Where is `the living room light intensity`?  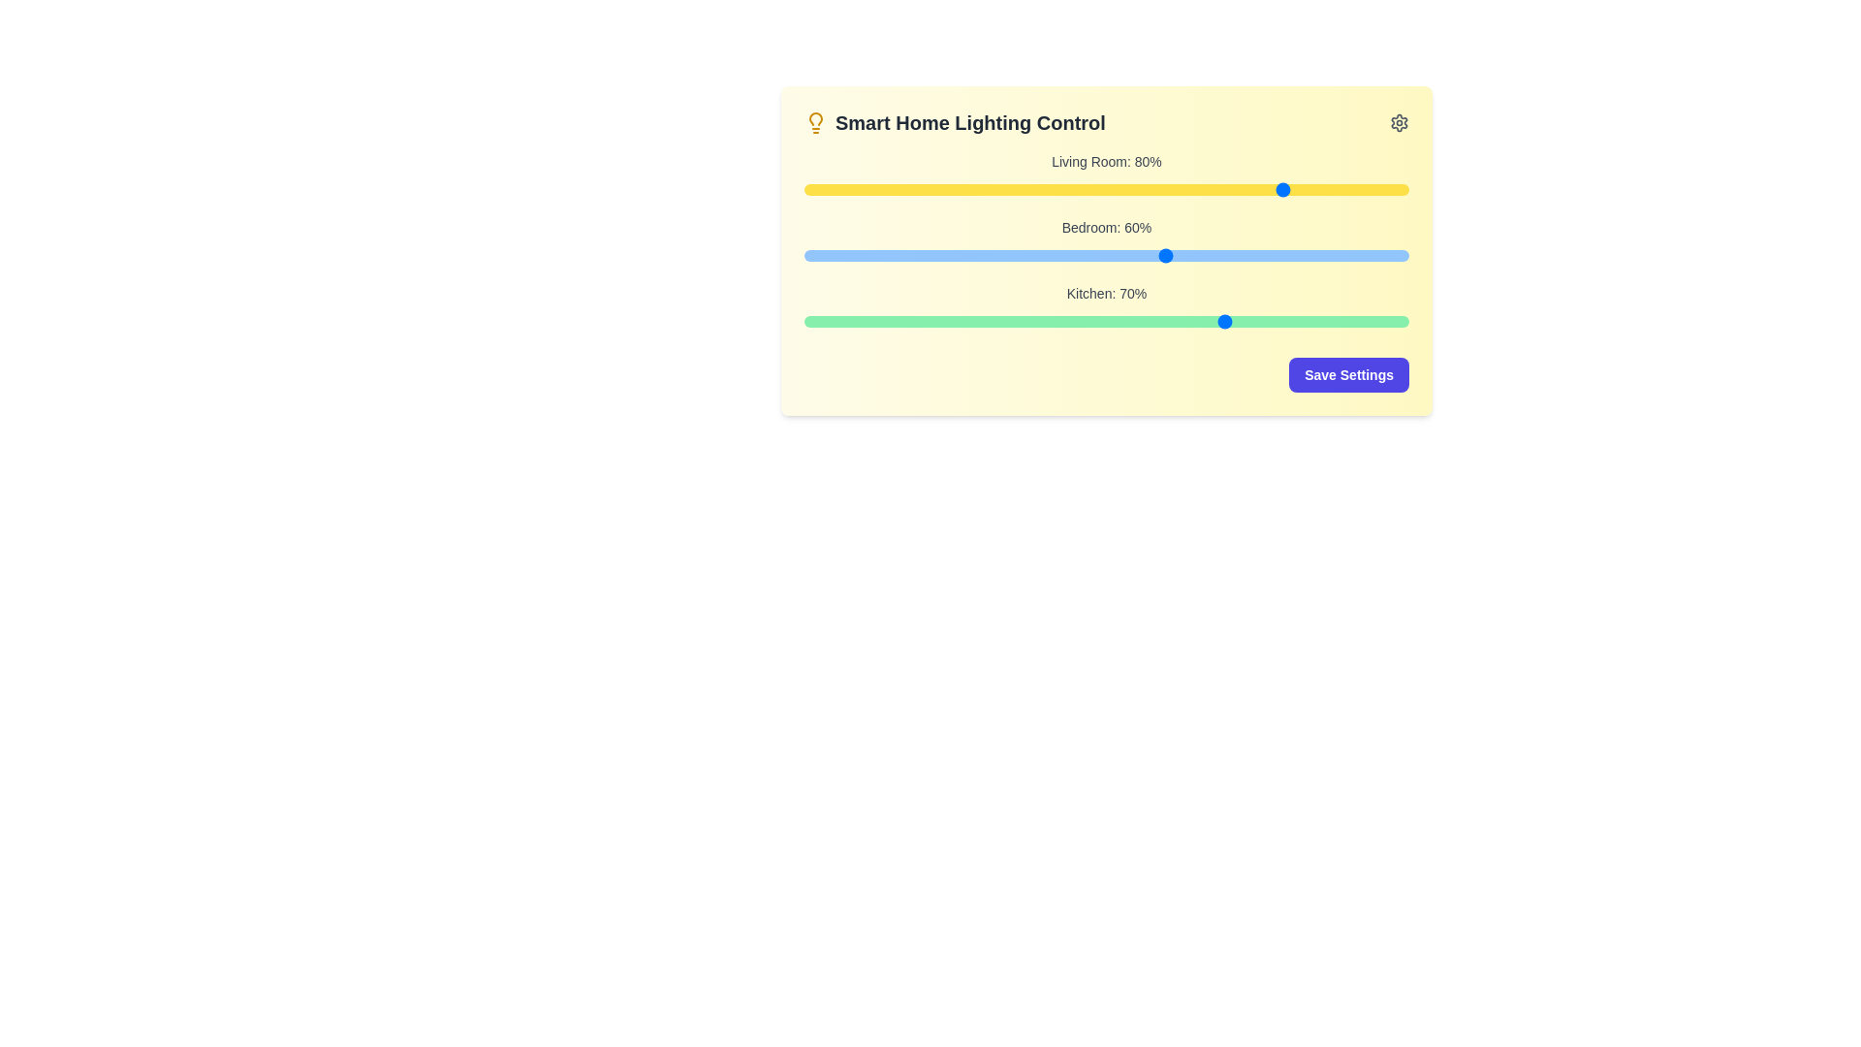 the living room light intensity is located at coordinates (930, 190).